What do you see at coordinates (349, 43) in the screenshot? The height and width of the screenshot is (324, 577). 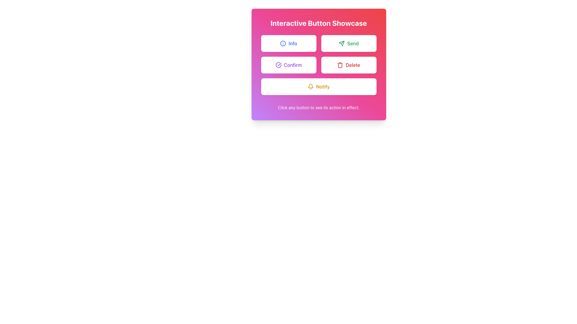 I see `the 'Send' button located in the top-right of the grid layout to initiate the message or data transfer action` at bounding box center [349, 43].